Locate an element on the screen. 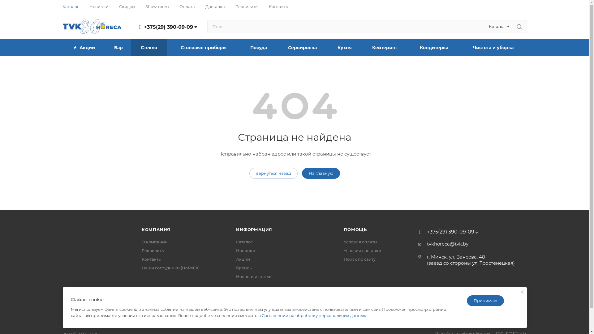 This screenshot has height=334, width=594. 'tvkhoreca@tvk.by' is located at coordinates (447, 244).